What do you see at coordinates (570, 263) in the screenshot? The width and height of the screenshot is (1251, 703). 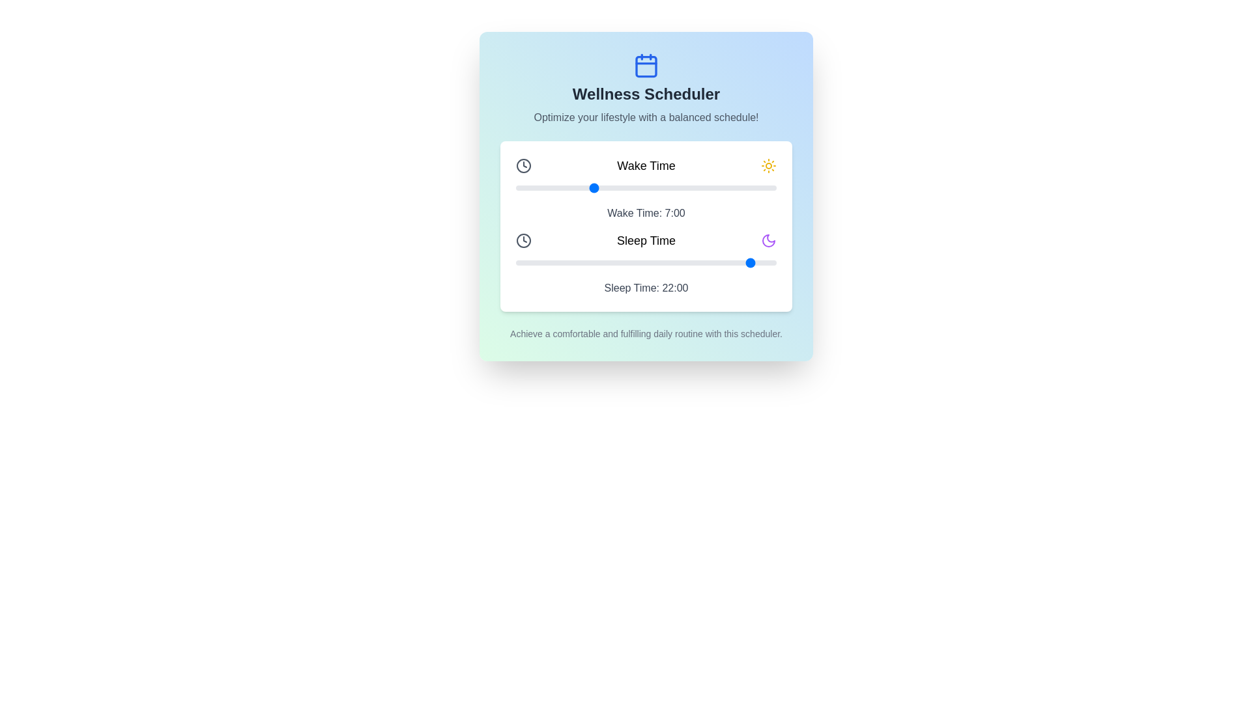 I see `the time` at bounding box center [570, 263].